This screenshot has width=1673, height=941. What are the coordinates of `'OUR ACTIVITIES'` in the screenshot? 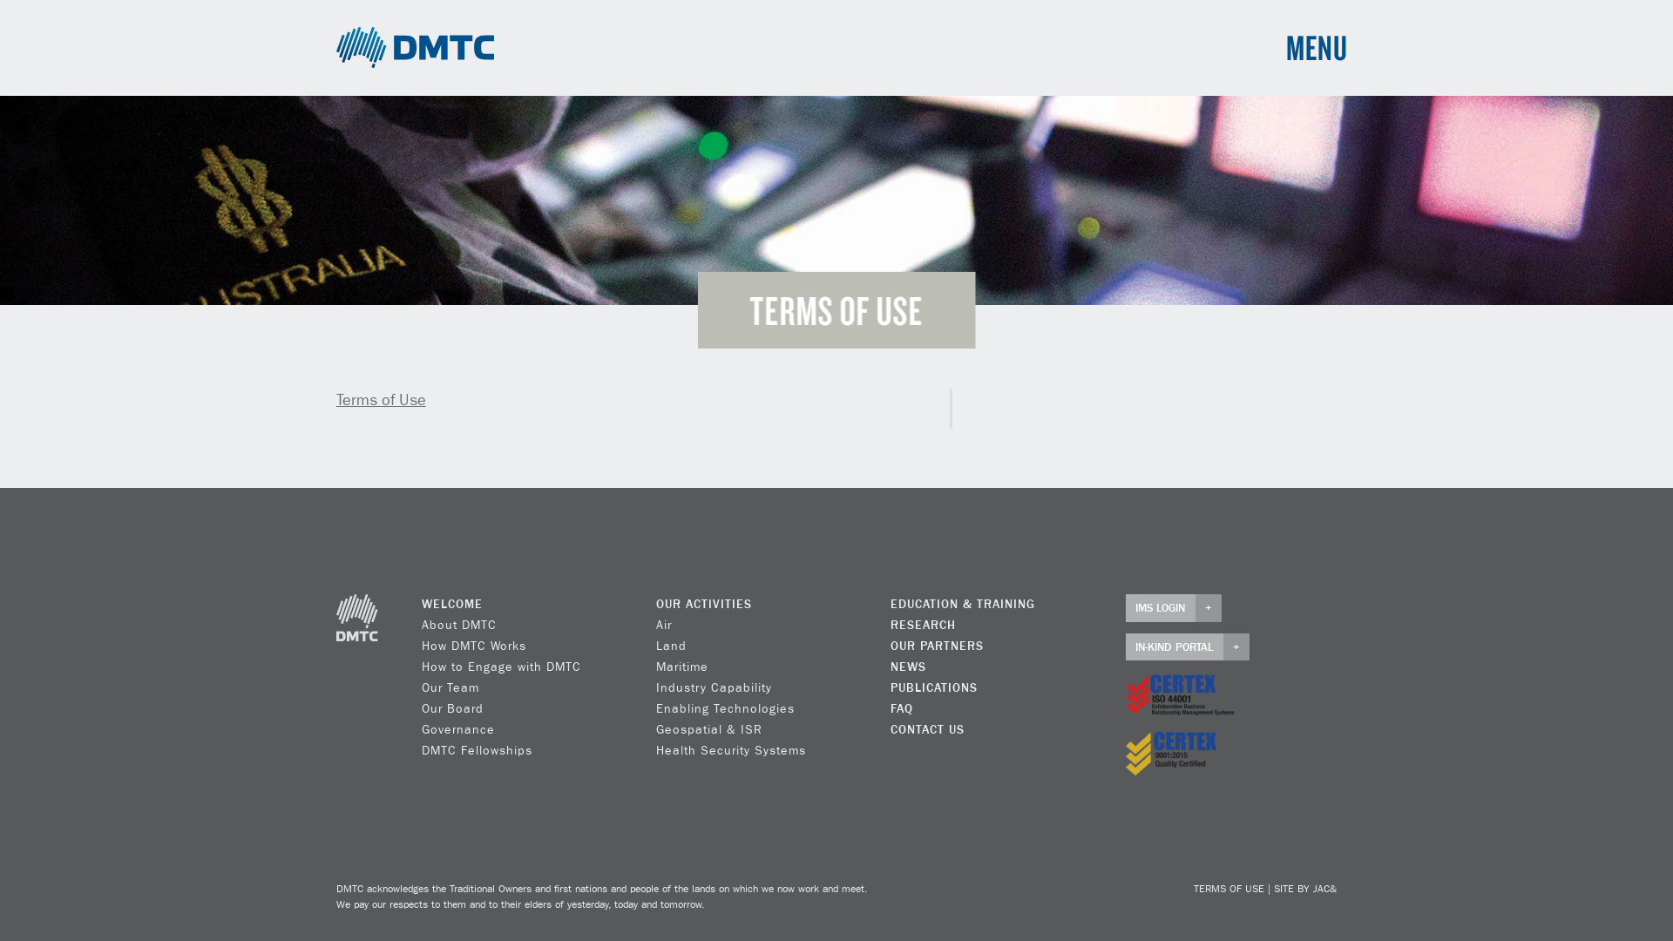 It's located at (655, 604).